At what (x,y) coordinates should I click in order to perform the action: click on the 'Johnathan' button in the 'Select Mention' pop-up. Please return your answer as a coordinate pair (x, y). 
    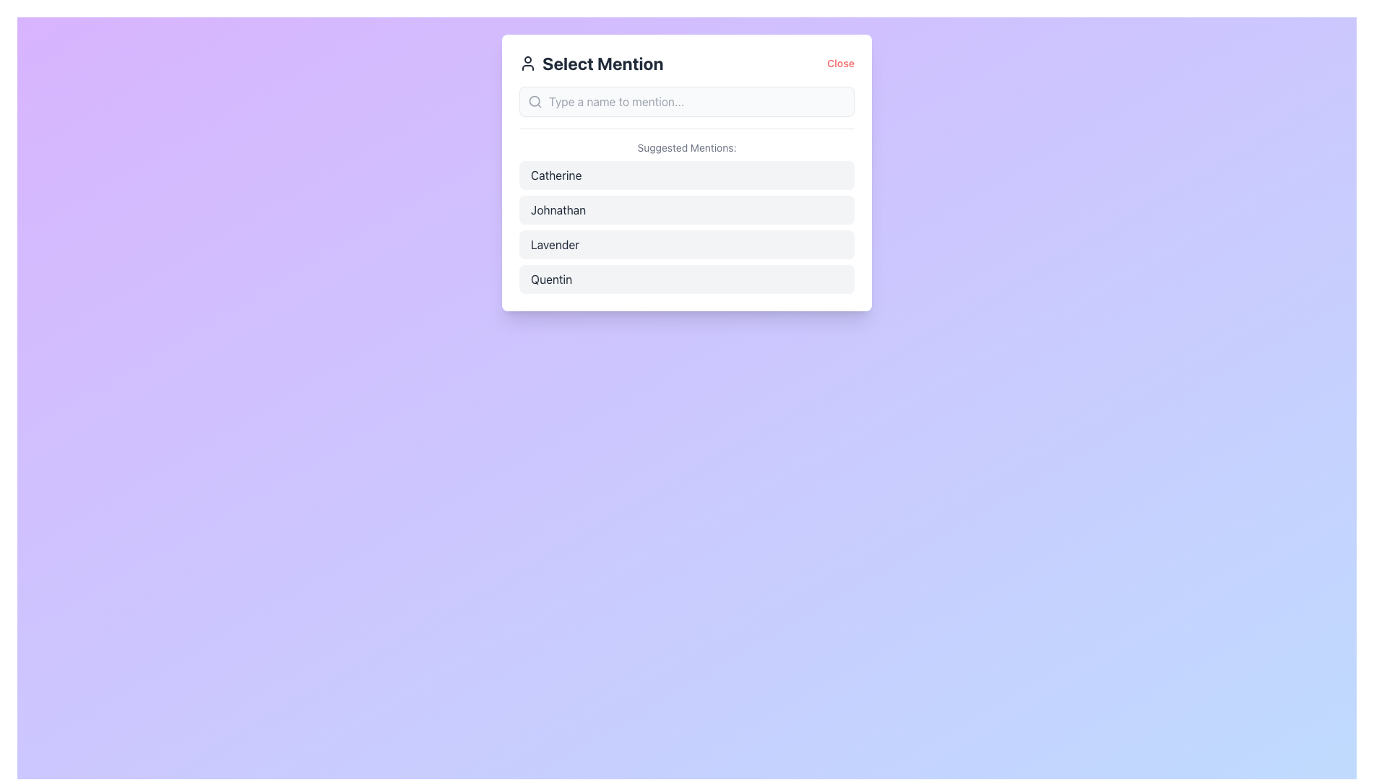
    Looking at the image, I should click on (686, 209).